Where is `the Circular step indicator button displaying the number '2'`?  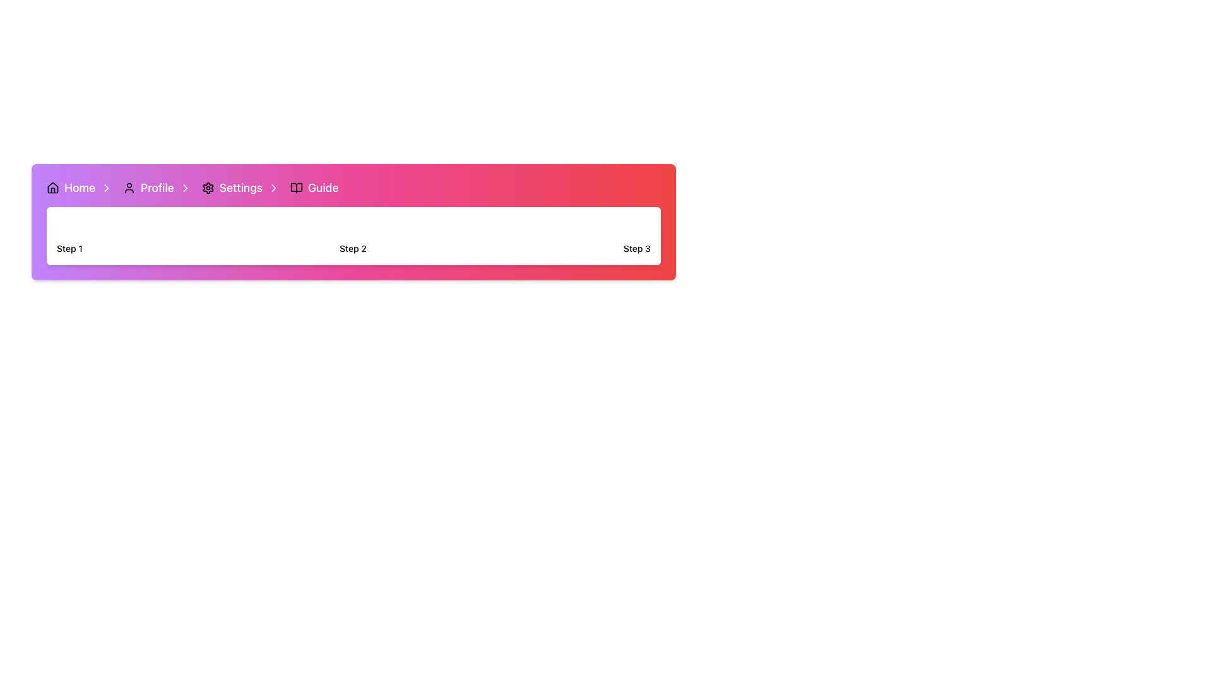 the Circular step indicator button displaying the number '2' is located at coordinates (353, 226).